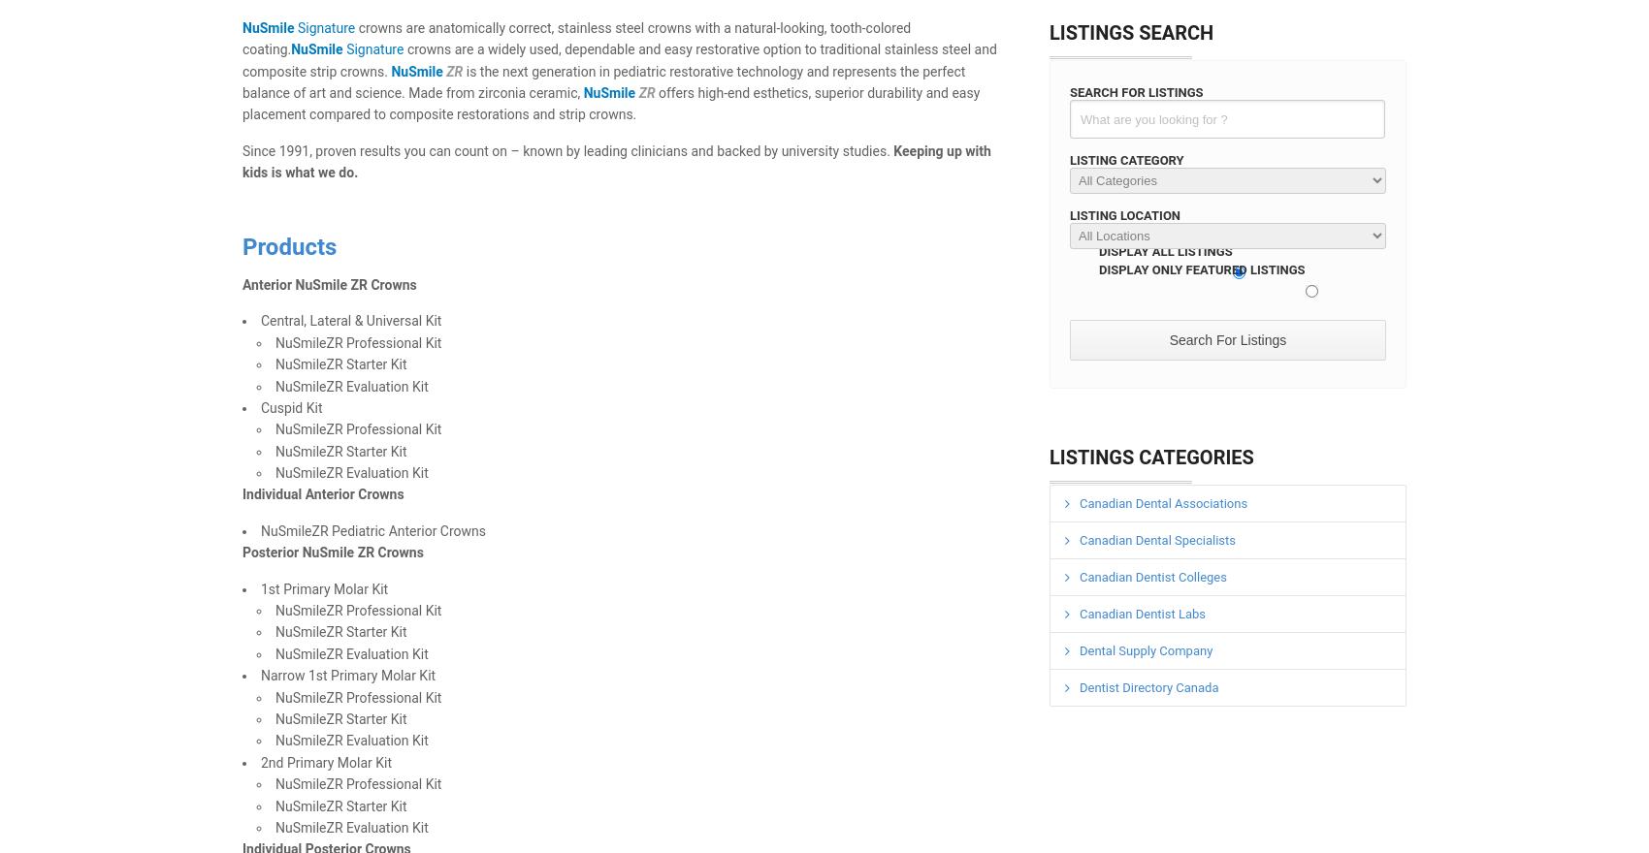  Describe the element at coordinates (322, 493) in the screenshot. I see `'Individual Anterior Crowns'` at that location.